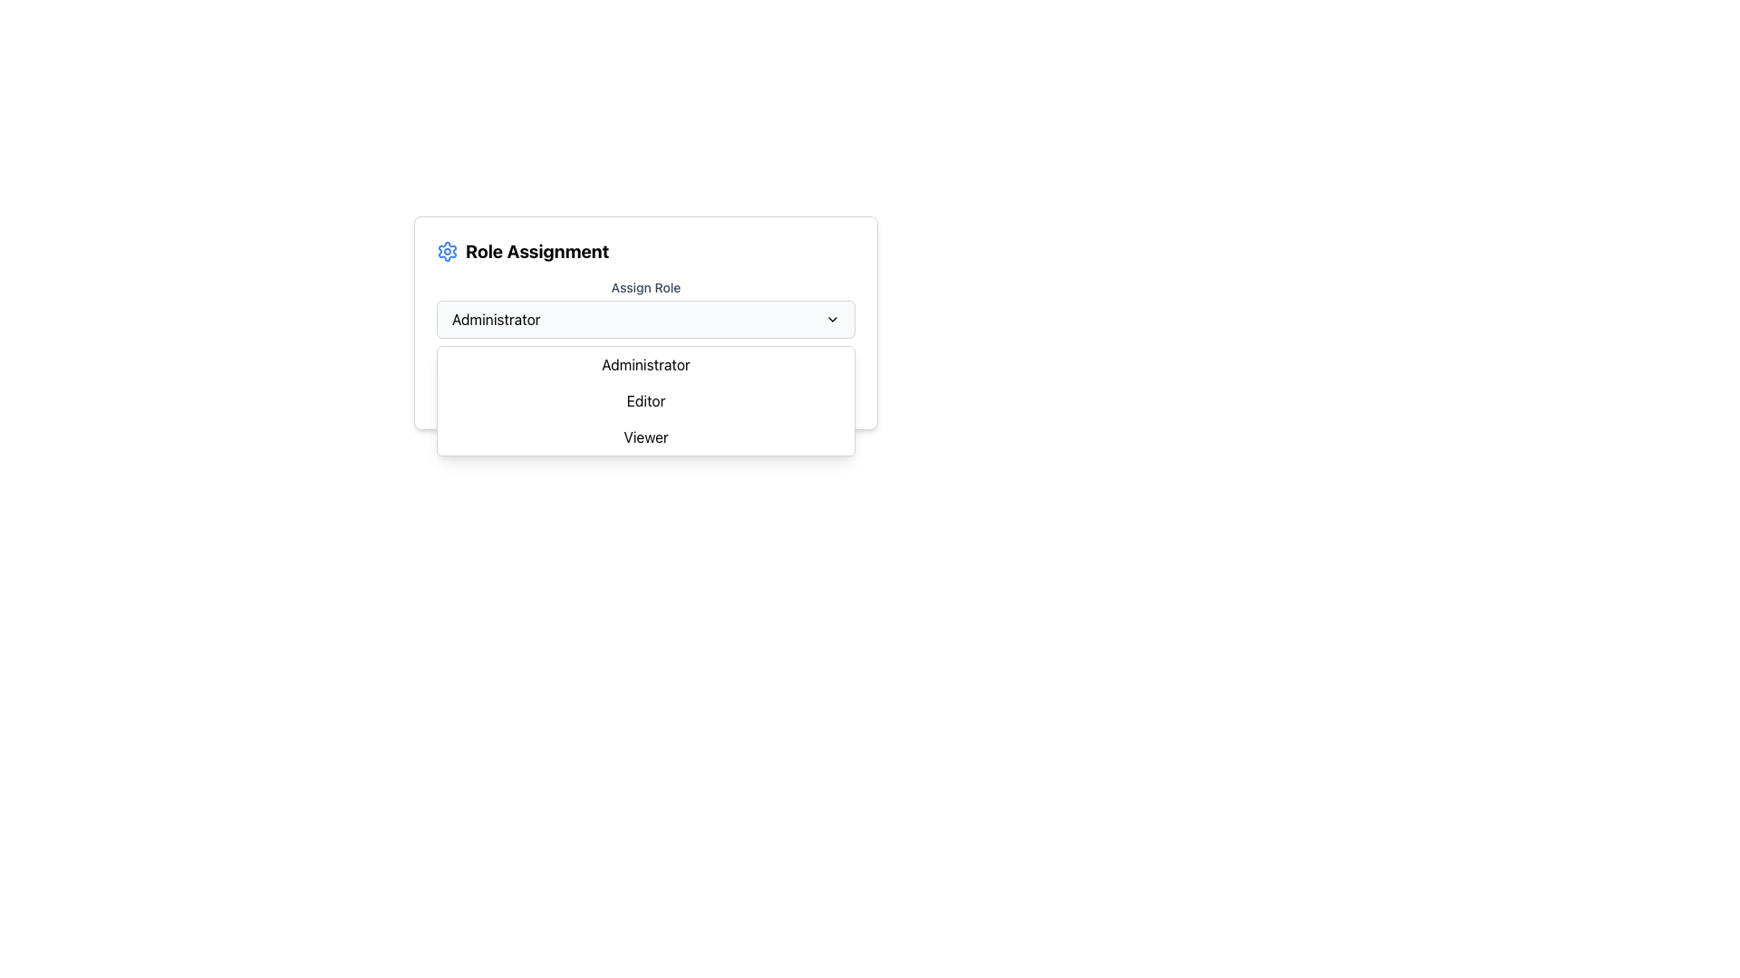 The width and height of the screenshot is (1740, 978). What do you see at coordinates (646, 322) in the screenshot?
I see `the 'Role Assignment' dropdown menu` at bounding box center [646, 322].